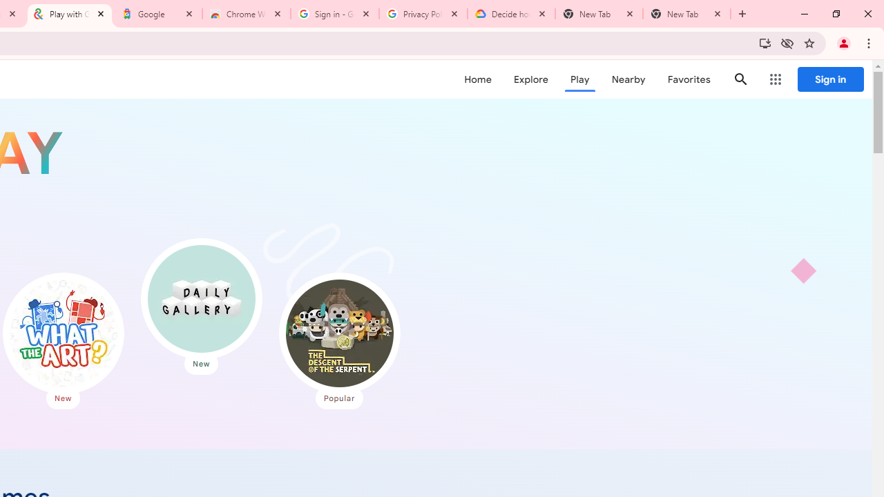  Describe the element at coordinates (200, 298) in the screenshot. I see `'Daily Gallery'` at that location.